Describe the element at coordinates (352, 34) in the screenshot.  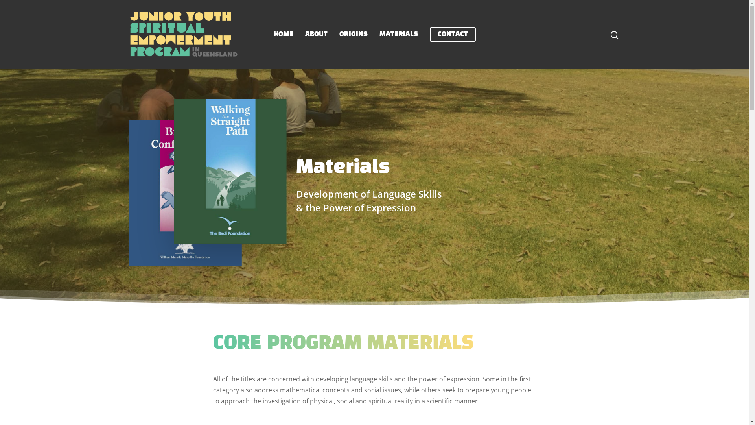
I see `'ORIGINS'` at that location.